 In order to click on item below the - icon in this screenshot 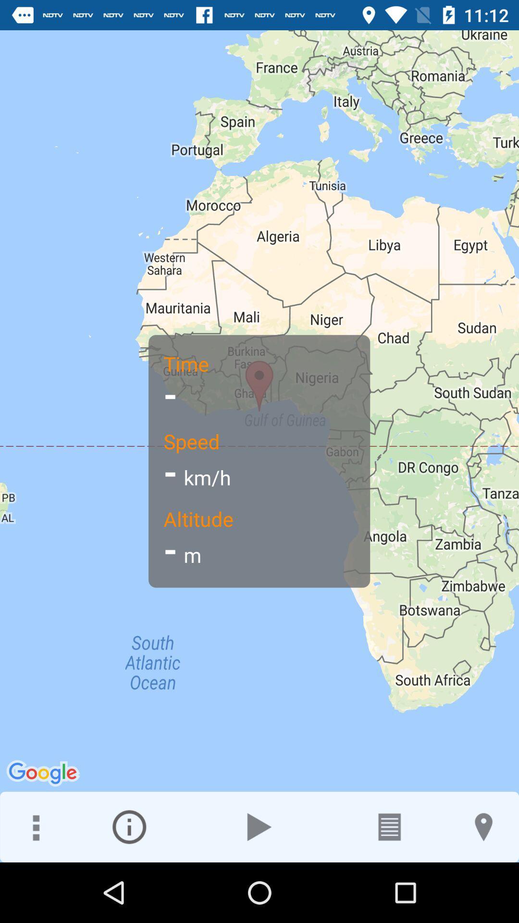, I will do `click(129, 826)`.